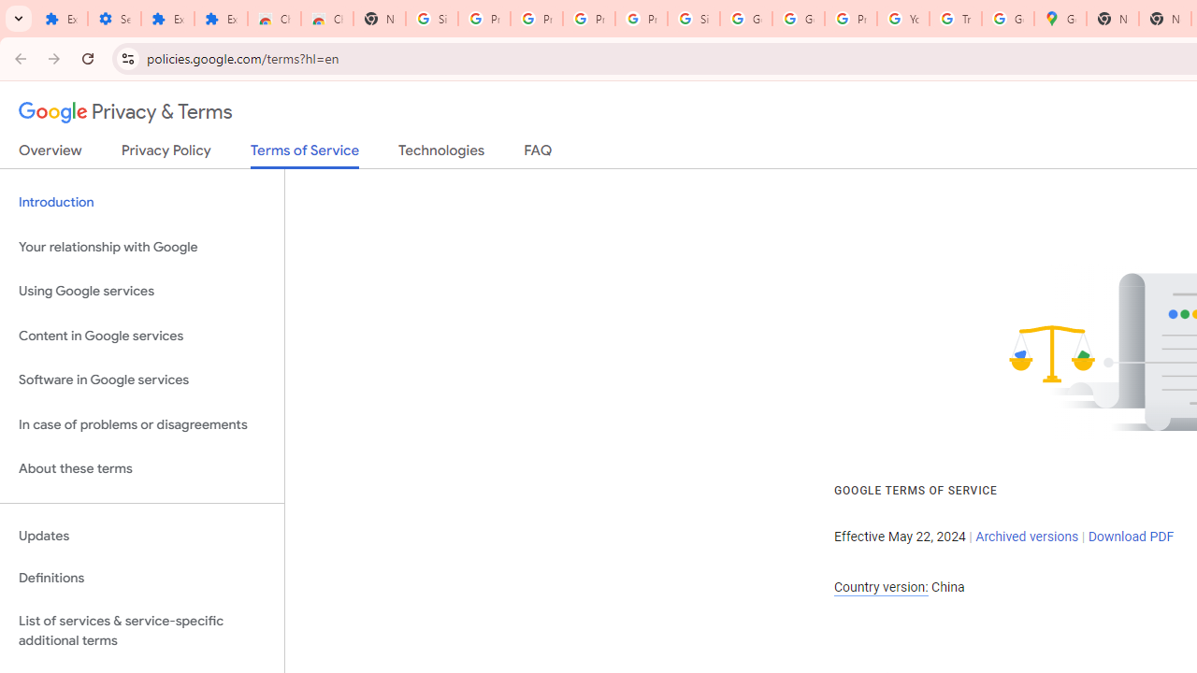 This screenshot has width=1197, height=673. Describe the element at coordinates (141, 292) in the screenshot. I see `'Using Google services'` at that location.